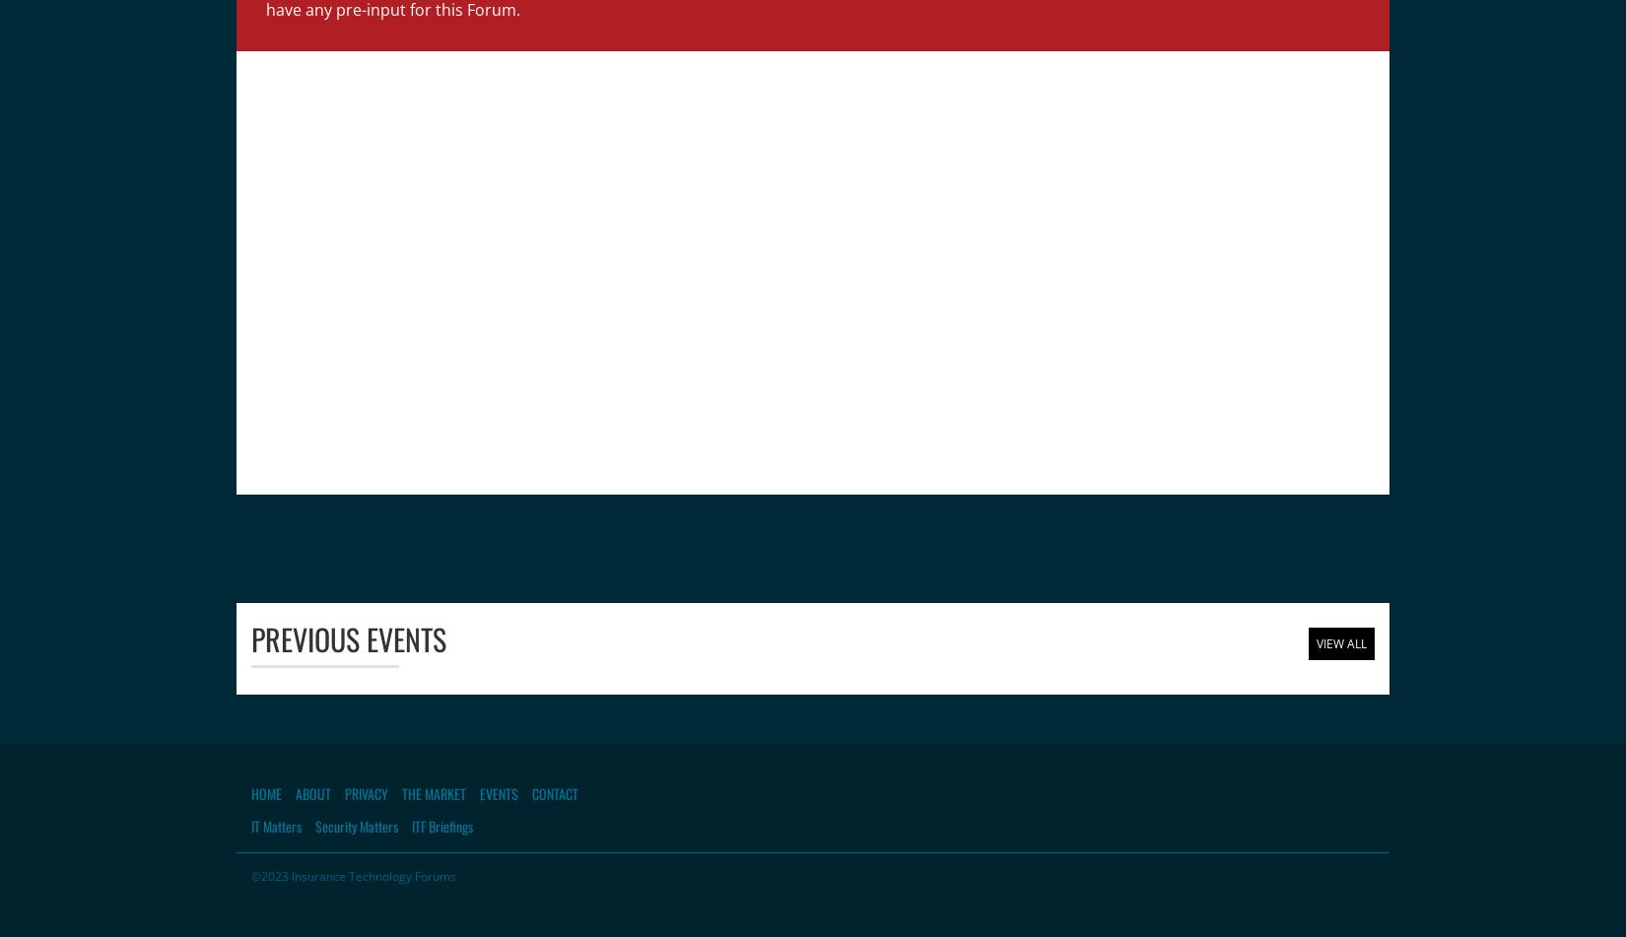 This screenshot has height=937, width=1626. I want to click on 'About', so click(312, 791).